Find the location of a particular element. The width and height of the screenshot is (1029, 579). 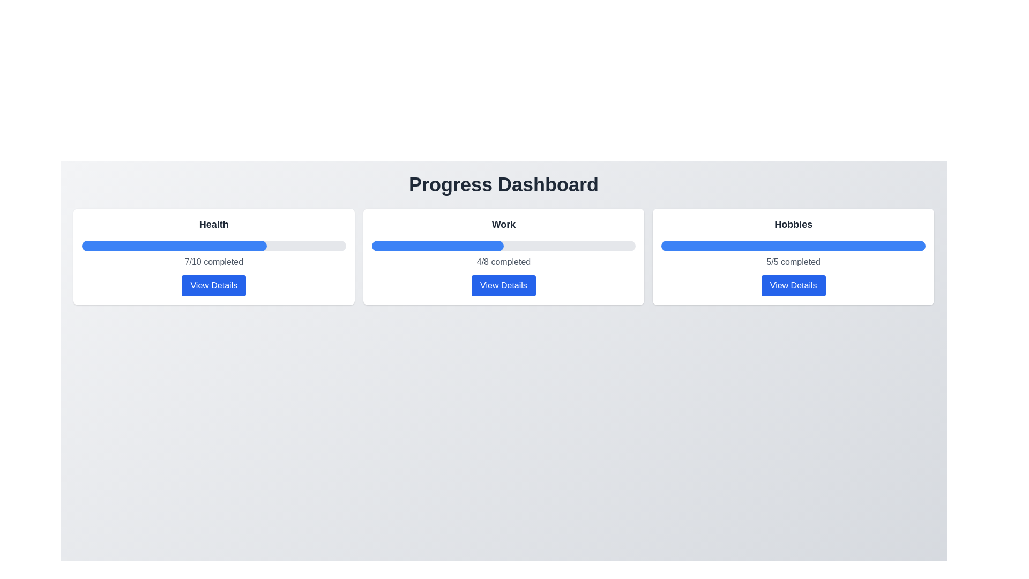

the text label displaying '7/10 completed' progress information, located below the progress bar in the first card under the 'Health' section is located at coordinates (214, 262).